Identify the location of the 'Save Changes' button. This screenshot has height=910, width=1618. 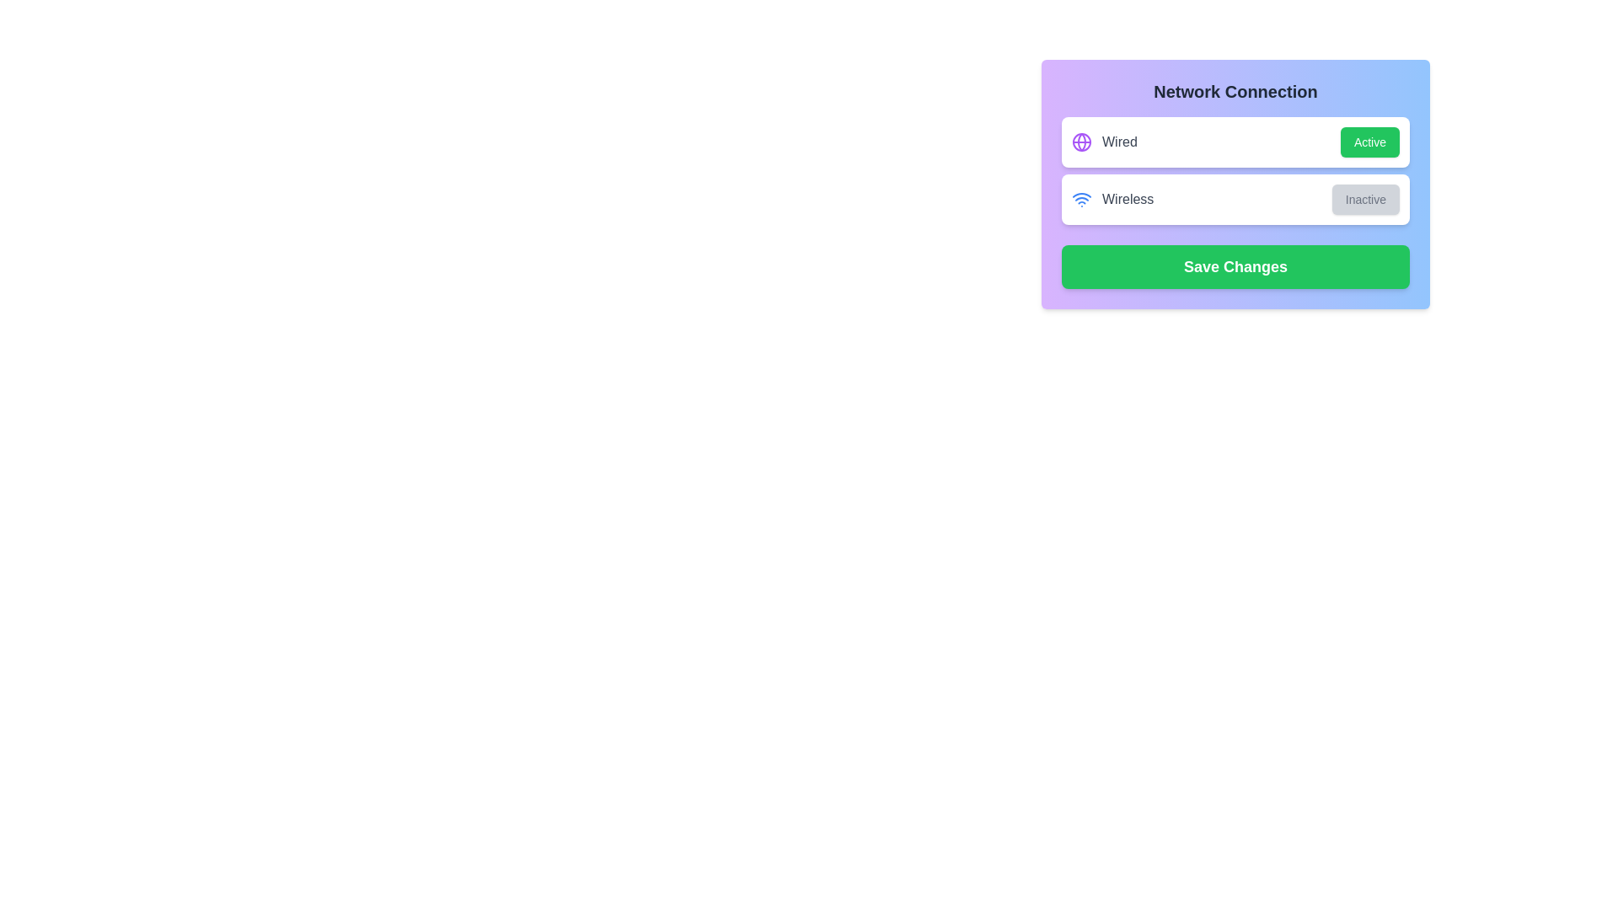
(1235, 265).